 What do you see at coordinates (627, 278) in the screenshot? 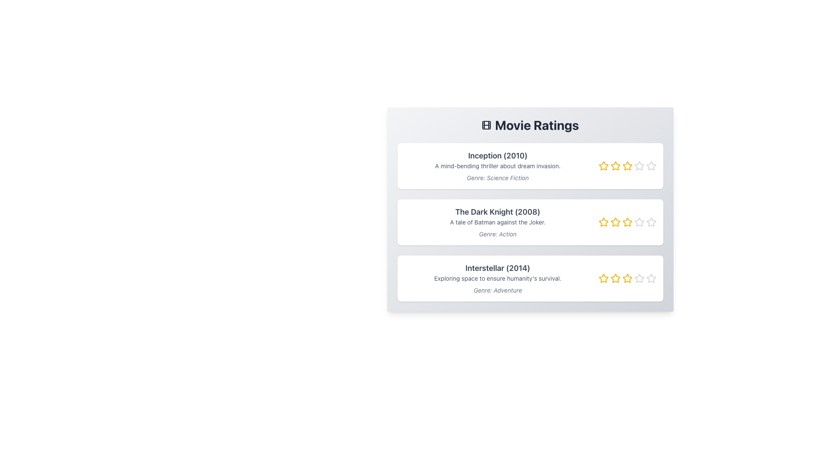
I see `the third yellow star rating icon for the movie 'Interstellar (2014)' to enable accessibility navigation` at bounding box center [627, 278].